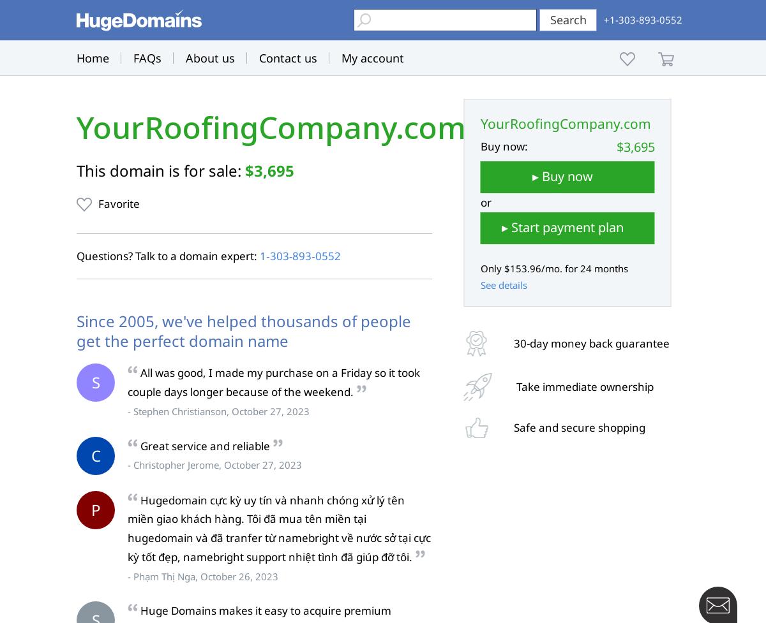 The width and height of the screenshot is (766, 623). I want to click on '- Stephen Christianson, October 27, 2023', so click(218, 410).